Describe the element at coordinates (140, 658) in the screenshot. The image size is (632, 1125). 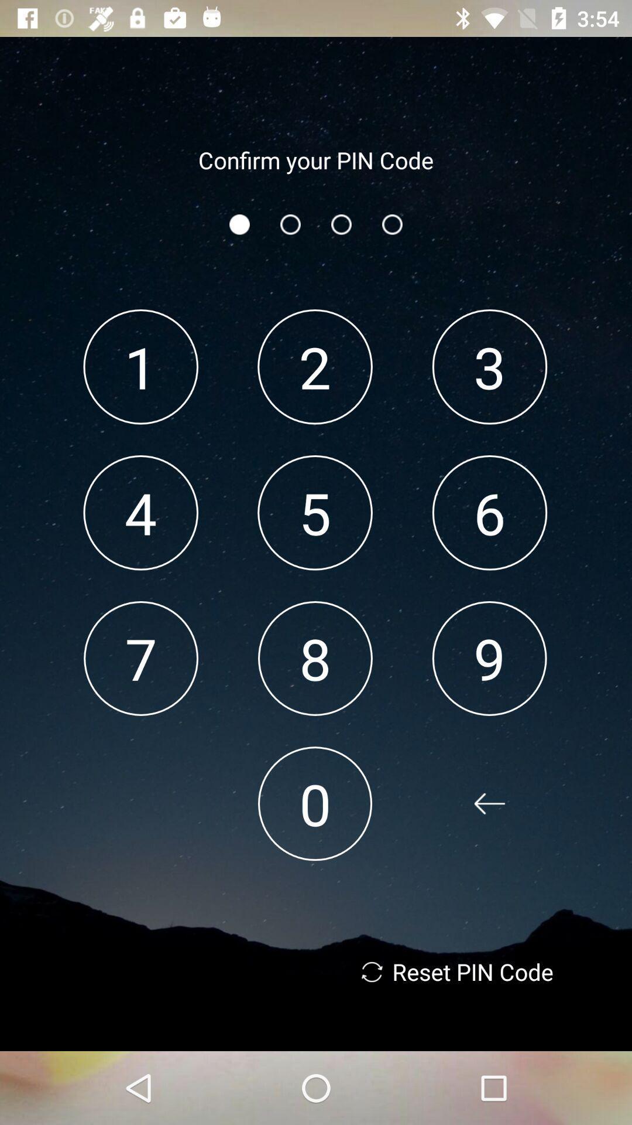
I see `7 icon` at that location.